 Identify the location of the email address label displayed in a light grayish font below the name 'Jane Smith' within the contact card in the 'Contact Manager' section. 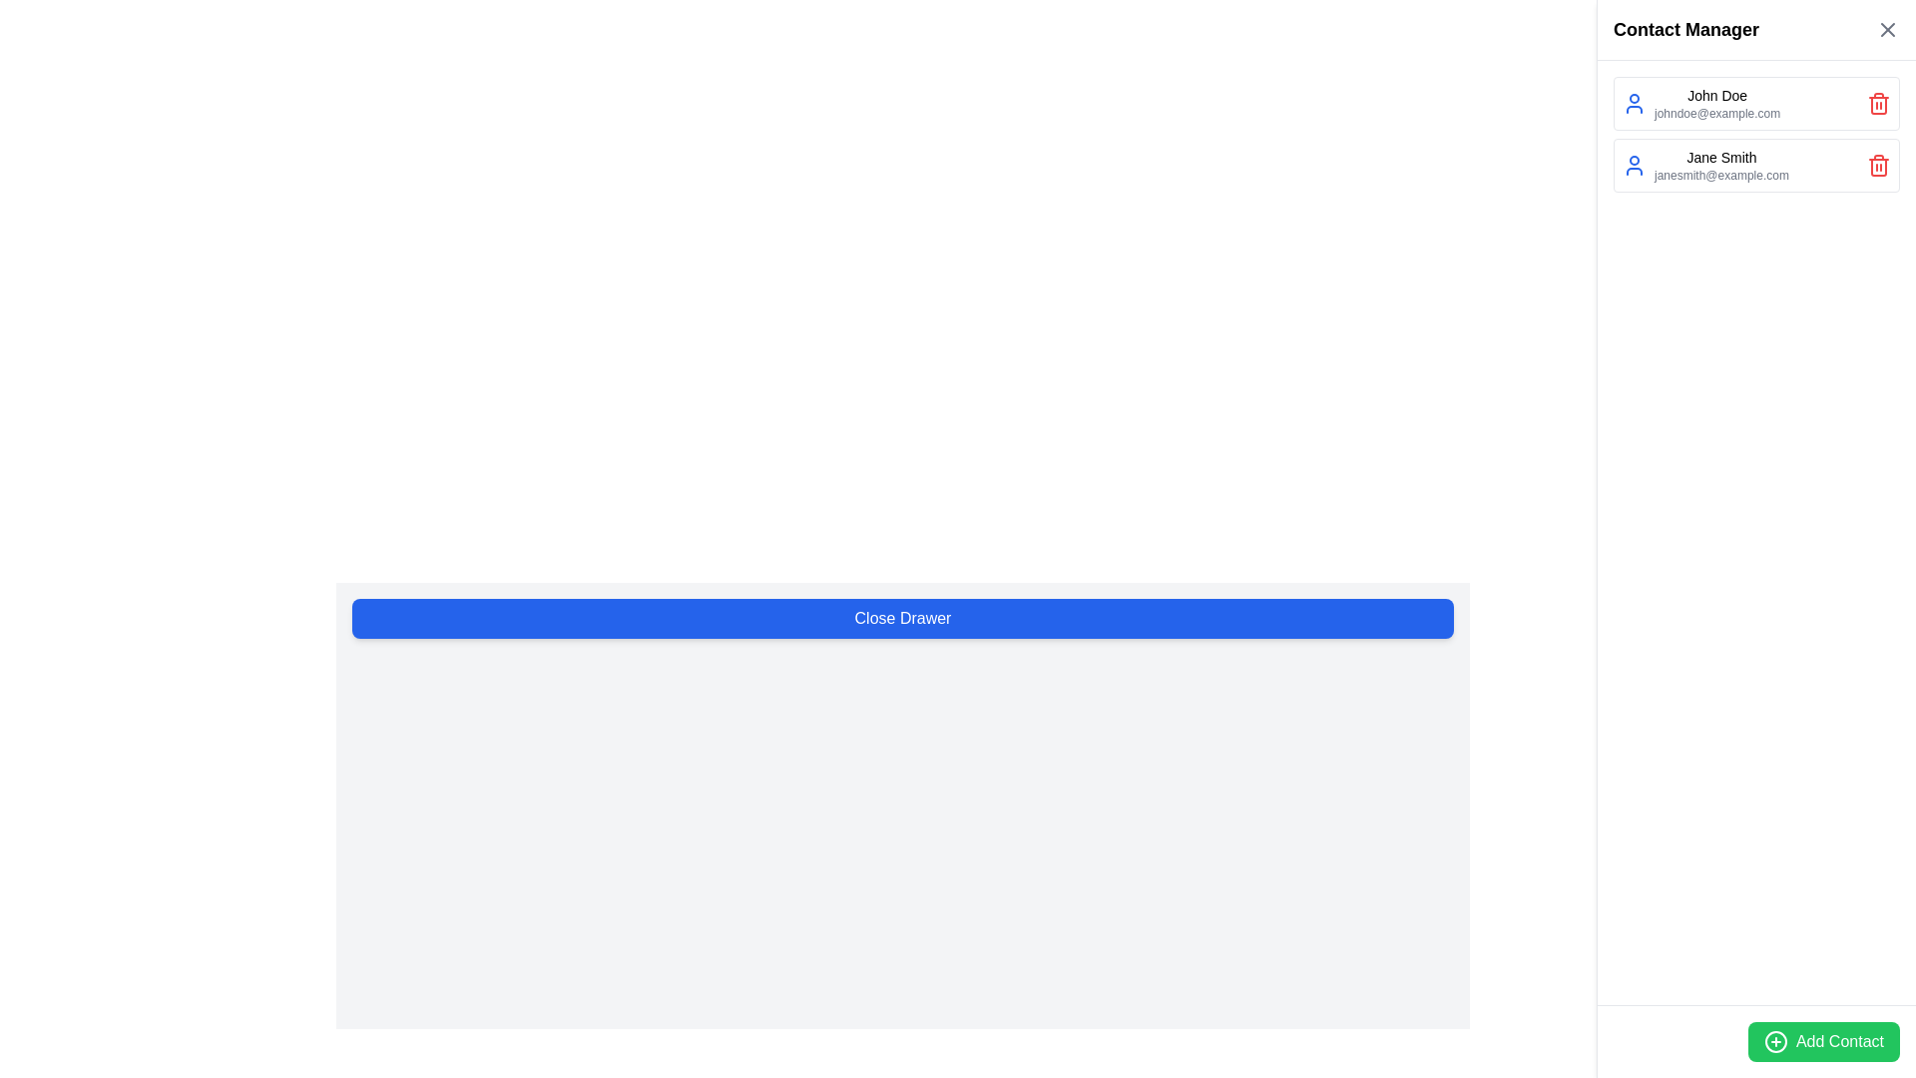
(1720, 175).